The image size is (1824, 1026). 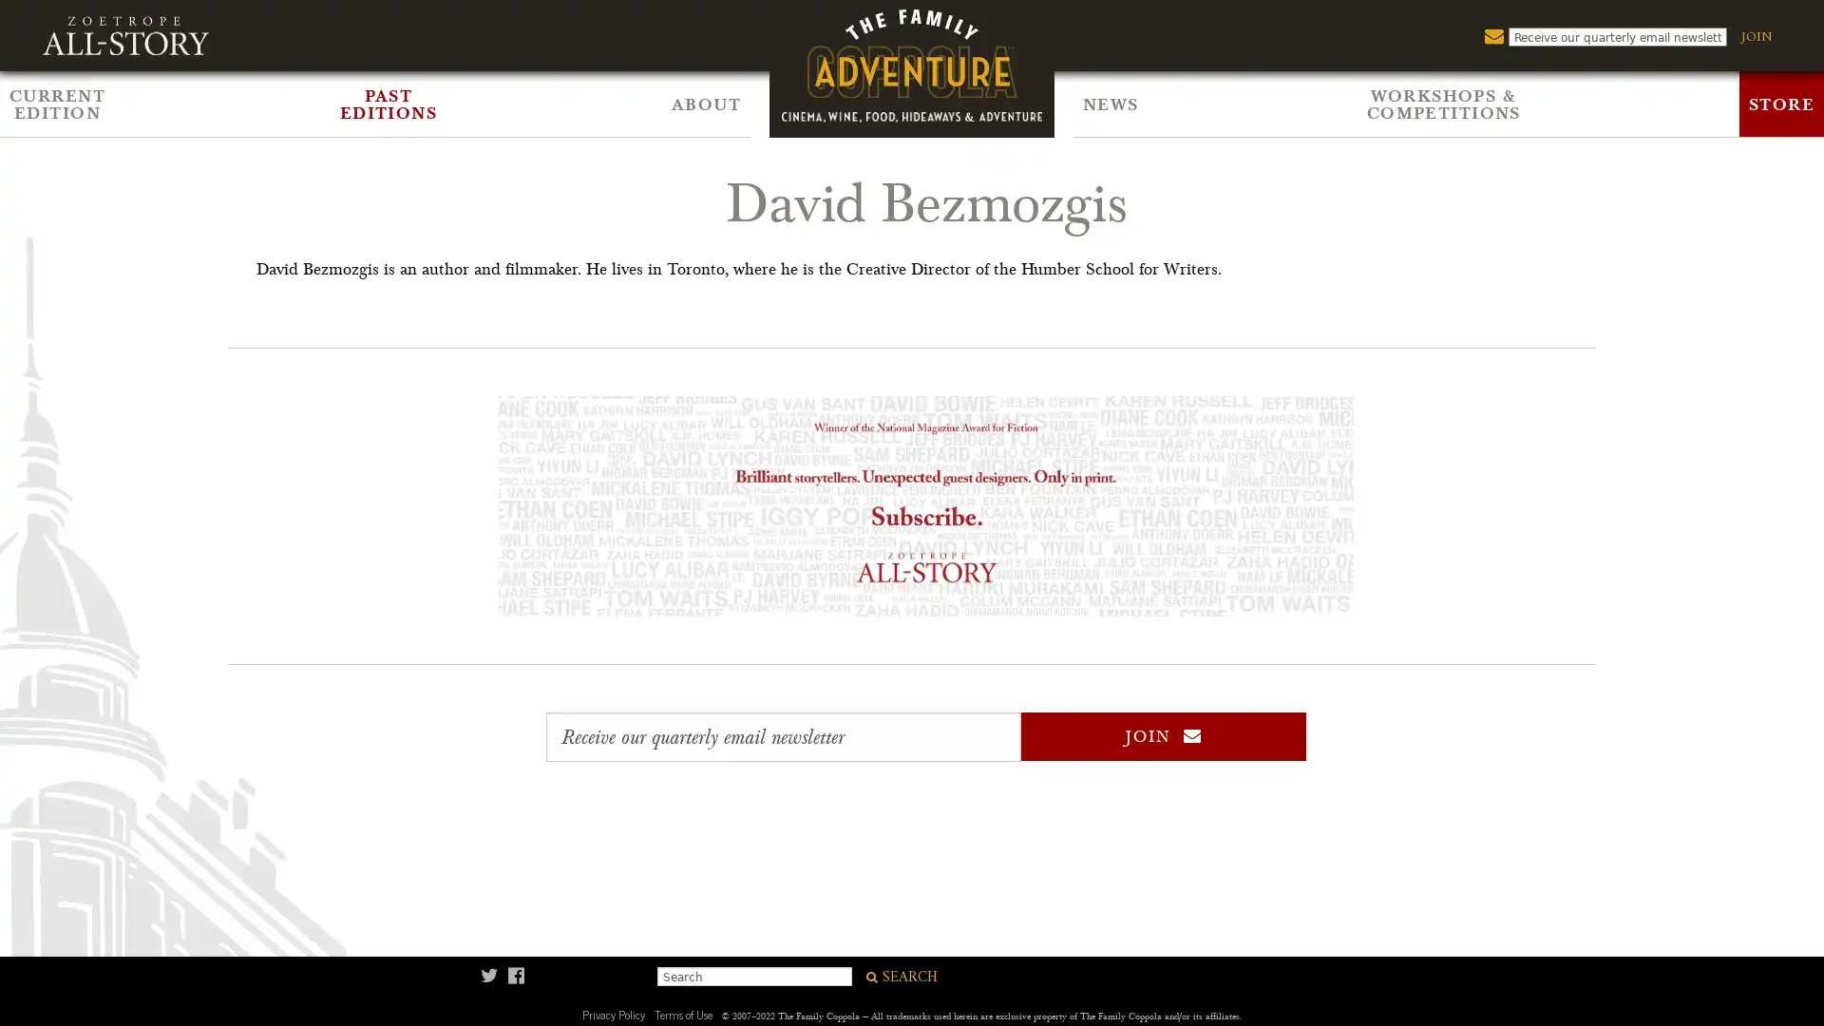 I want to click on SEARCH, so click(x=897, y=977).